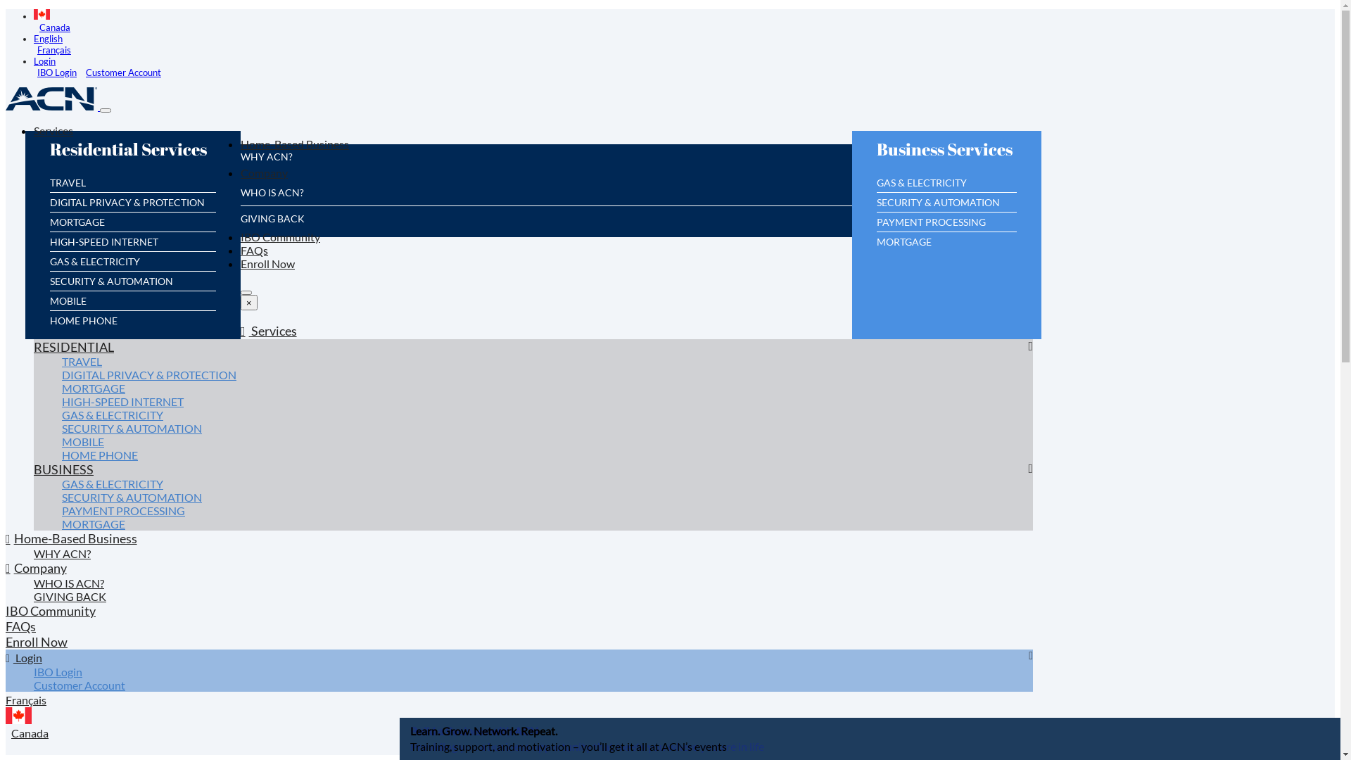 This screenshot has width=1351, height=760. I want to click on 'Business Services', so click(948, 156).